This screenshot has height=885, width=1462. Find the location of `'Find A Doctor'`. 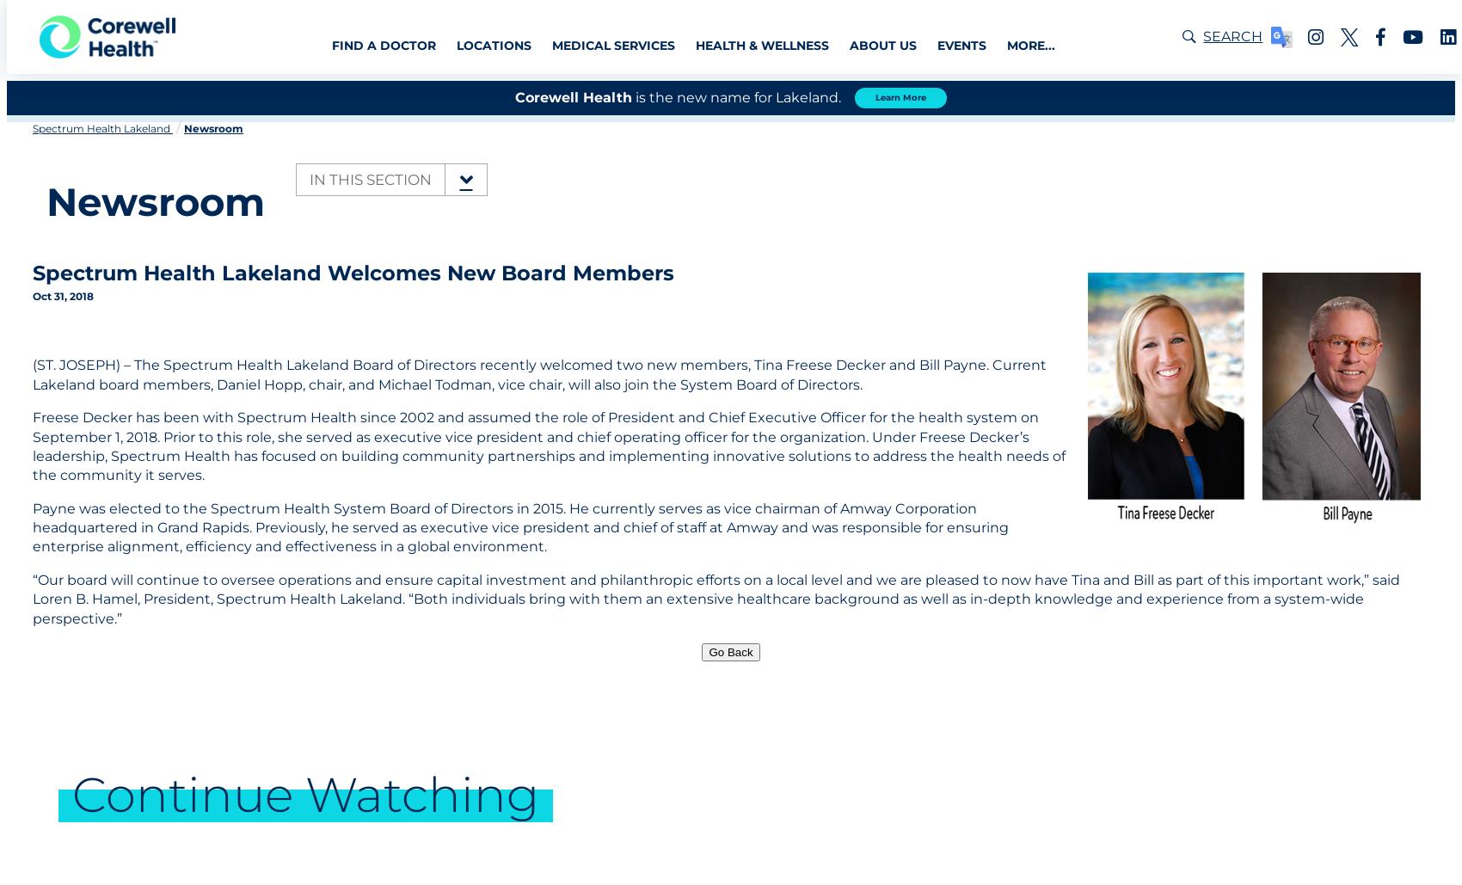

'Find A Doctor' is located at coordinates (383, 45).